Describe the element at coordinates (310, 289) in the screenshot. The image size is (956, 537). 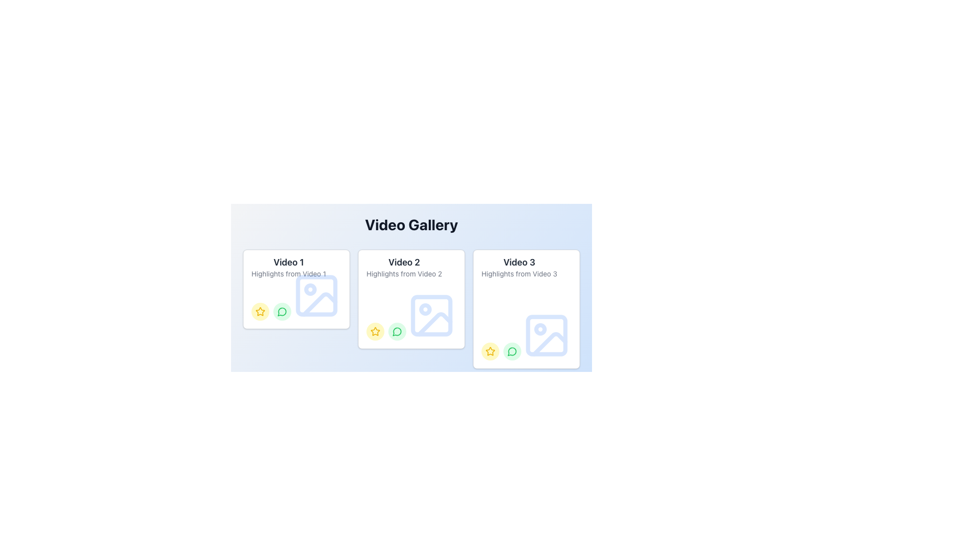
I see `the Graphical Indicator, which is positioned within an icon-like area and serves as a decorative or status indicator` at that location.